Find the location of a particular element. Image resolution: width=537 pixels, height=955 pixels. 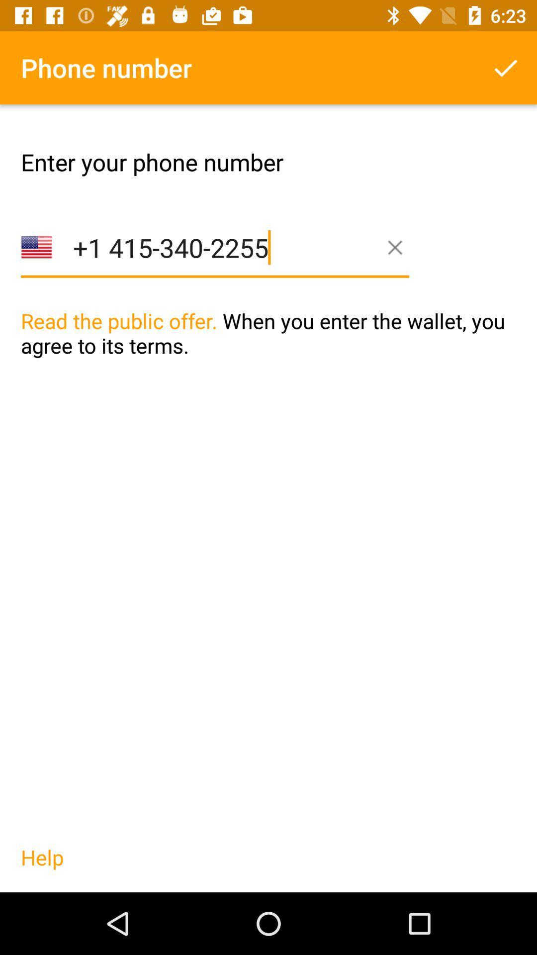

icon below the enter your phone is located at coordinates (214, 263).